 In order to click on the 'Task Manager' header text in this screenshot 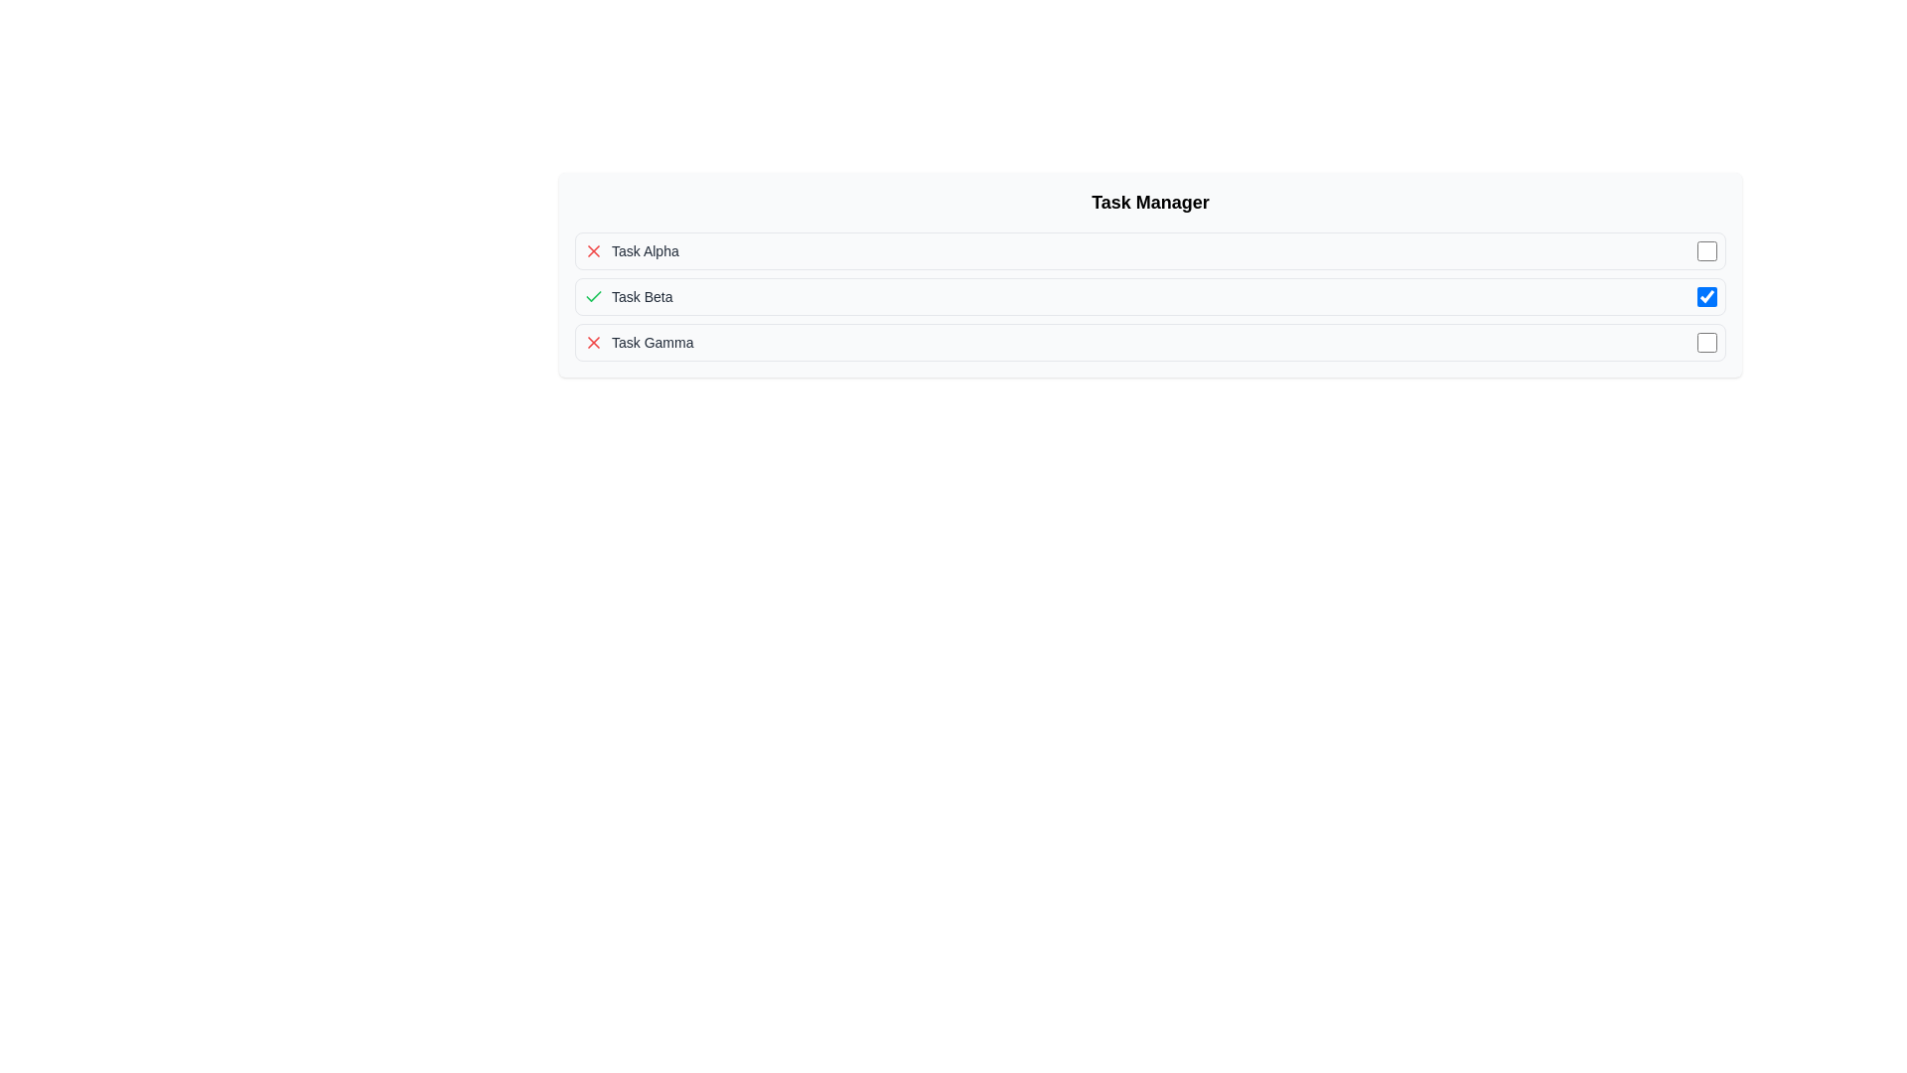, I will do `click(1150, 203)`.